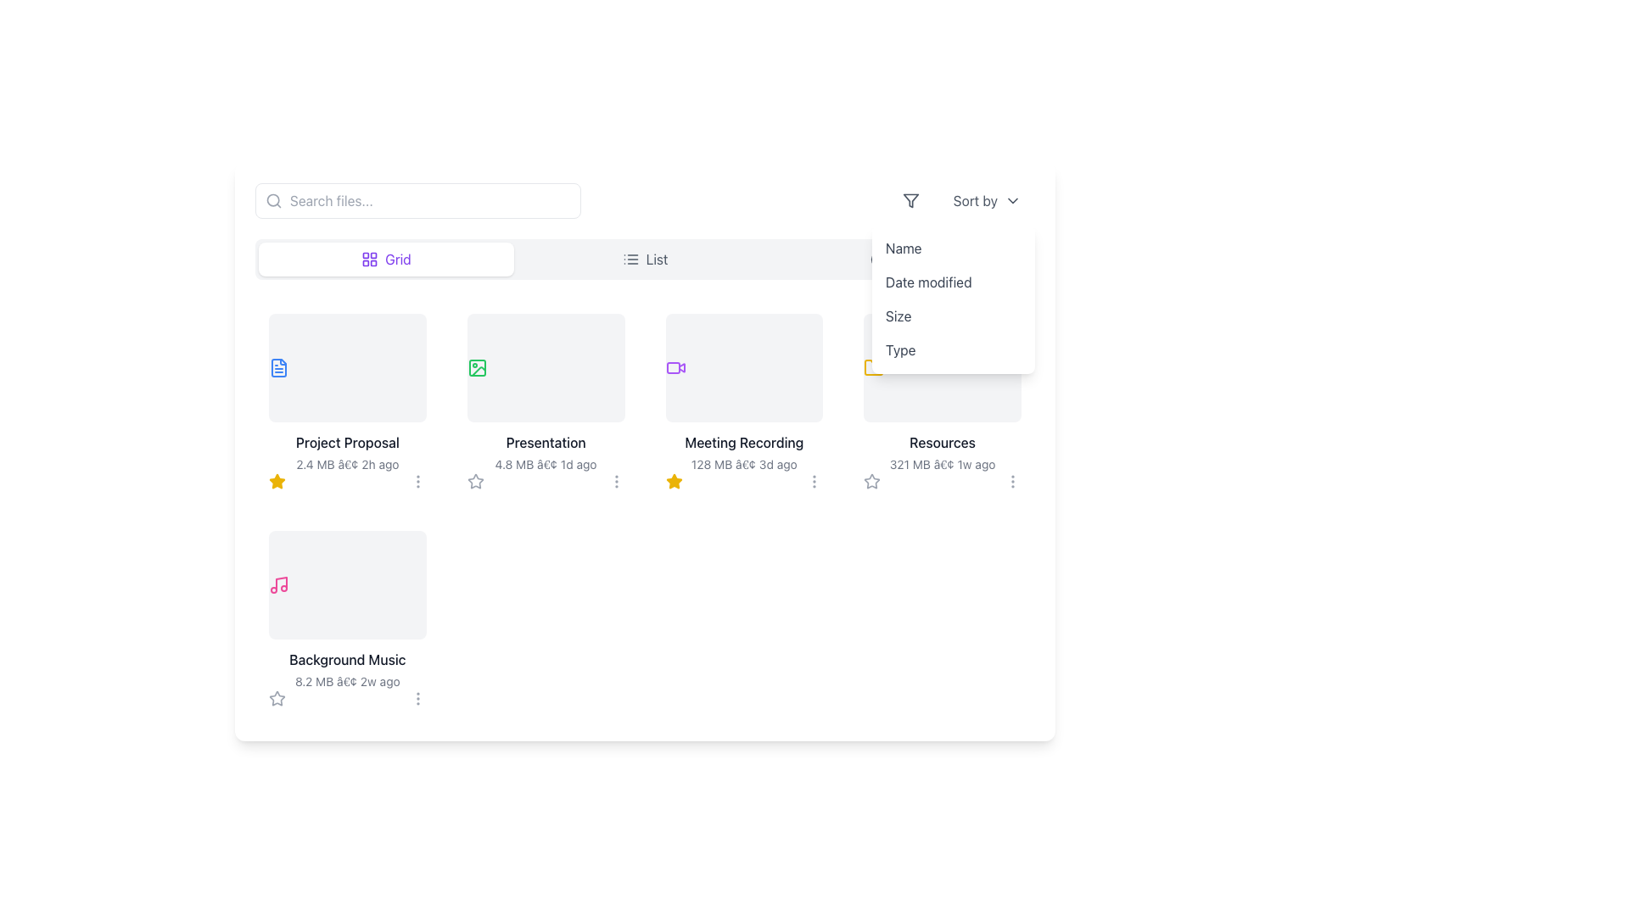 The width and height of the screenshot is (1629, 916). What do you see at coordinates (644, 259) in the screenshot?
I see `the middle button in the row of display mode options` at bounding box center [644, 259].